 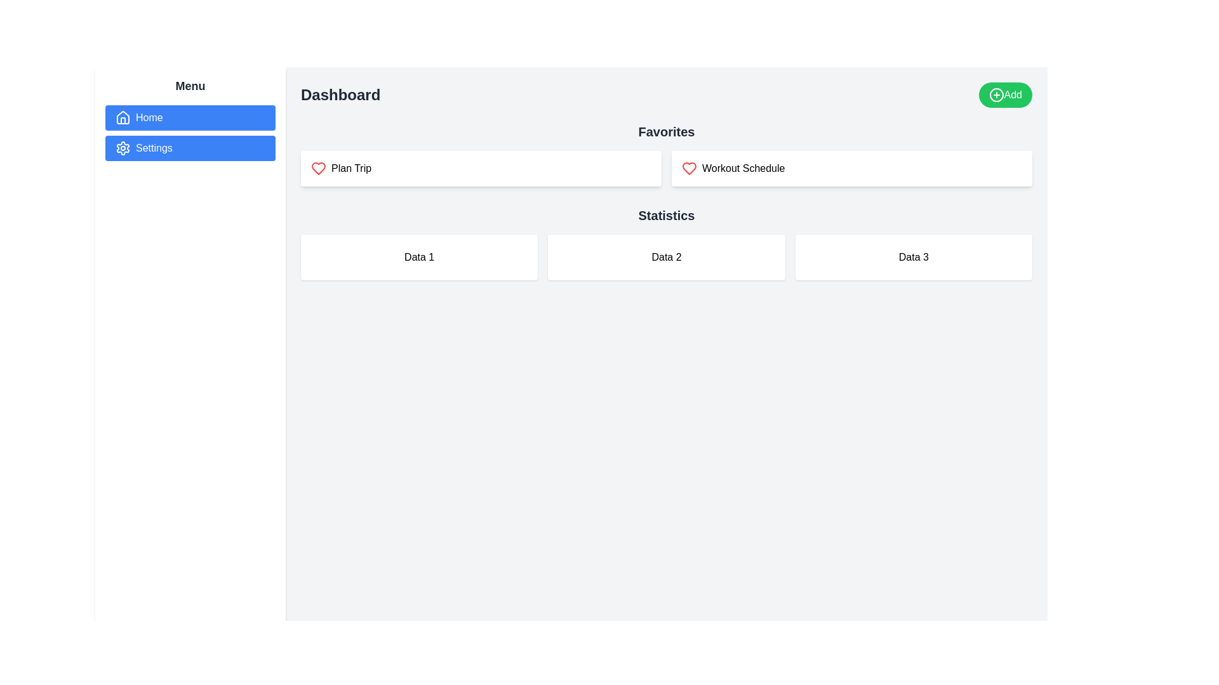 What do you see at coordinates (319, 168) in the screenshot?
I see `the heart icon located on the left side of the 'Plan Trip' item in the 'Favorites' section, which indicates a favorite or interest` at bounding box center [319, 168].